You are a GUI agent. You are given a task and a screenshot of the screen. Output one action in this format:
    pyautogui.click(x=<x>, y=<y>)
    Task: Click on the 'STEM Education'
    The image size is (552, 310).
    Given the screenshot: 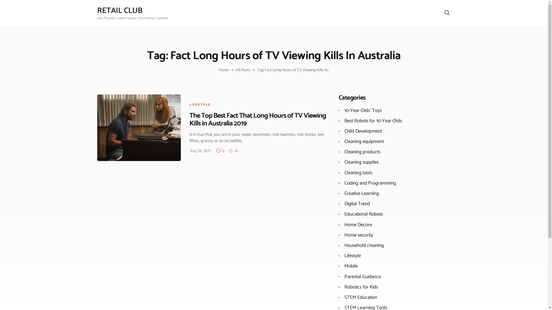 What is the action you would take?
    pyautogui.click(x=360, y=297)
    